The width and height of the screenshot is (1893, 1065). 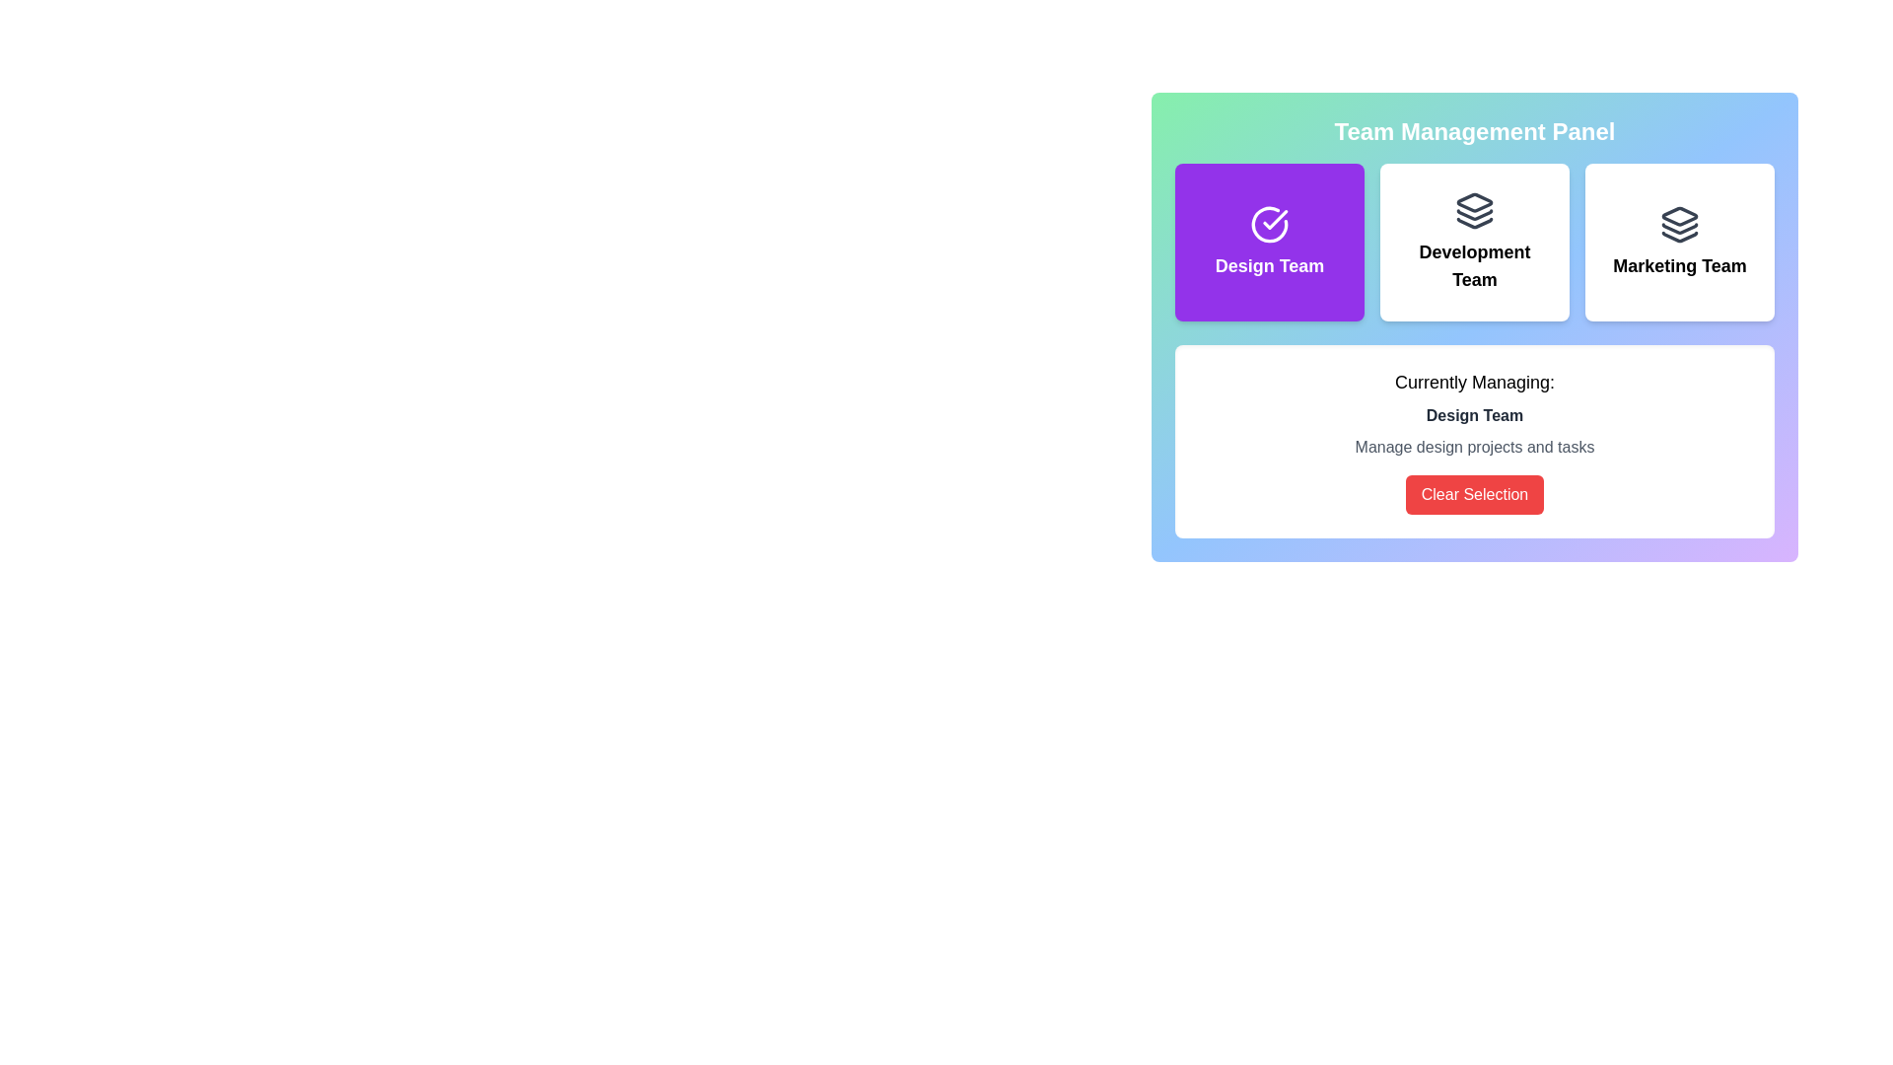 I want to click on label 'Design Team' located at the bottom of the purple button, which is the first button in a row of three buttons at the top section of the interface, so click(x=1269, y=266).